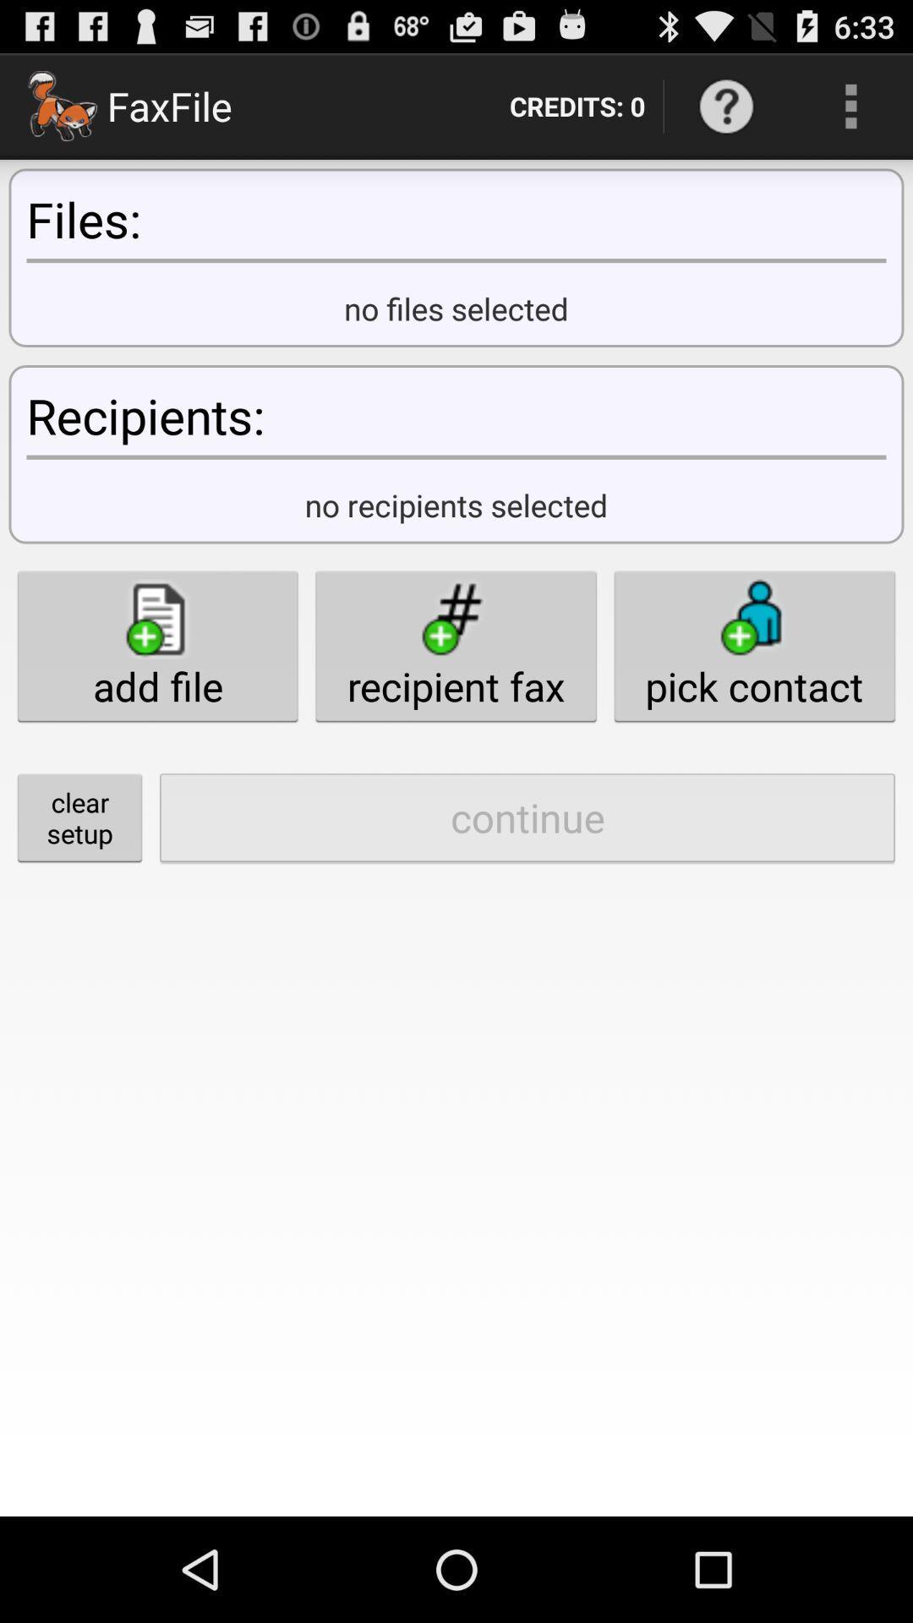 The width and height of the screenshot is (913, 1623). What do you see at coordinates (455, 645) in the screenshot?
I see `button to the right of the add file icon` at bounding box center [455, 645].